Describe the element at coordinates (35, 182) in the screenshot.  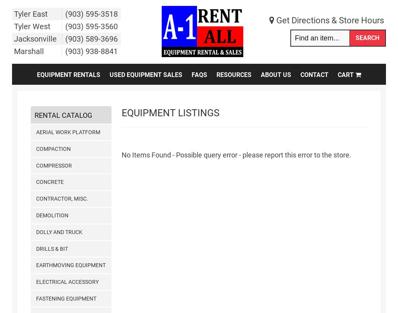
I see `'Concrete'` at that location.